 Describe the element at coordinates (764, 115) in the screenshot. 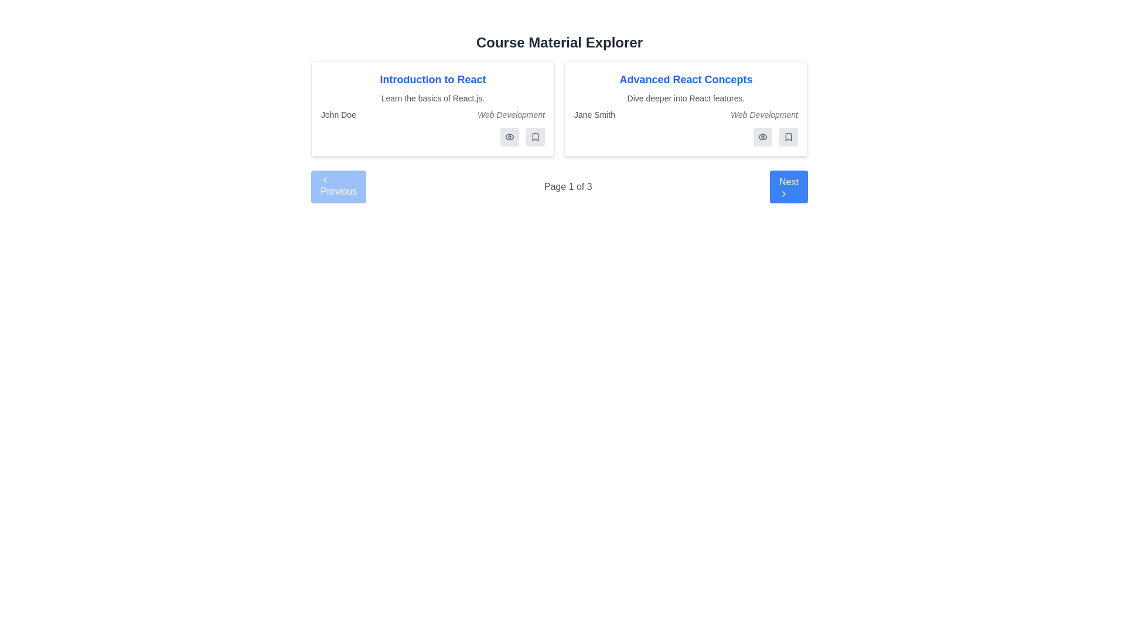

I see `text 'Web Development' from the italicized gray text label located within the right card of a two-card layout, positioned to the right of 'Jane Smith'` at that location.